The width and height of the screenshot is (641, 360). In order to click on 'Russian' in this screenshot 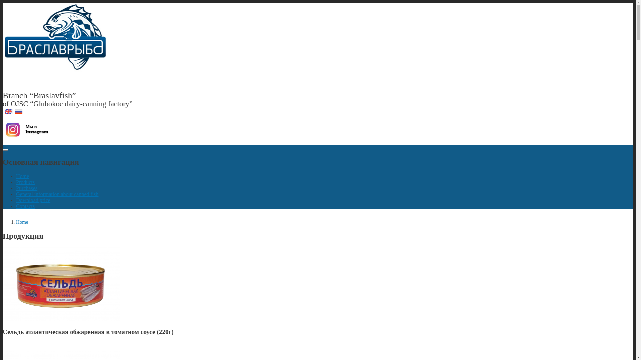, I will do `click(19, 111)`.